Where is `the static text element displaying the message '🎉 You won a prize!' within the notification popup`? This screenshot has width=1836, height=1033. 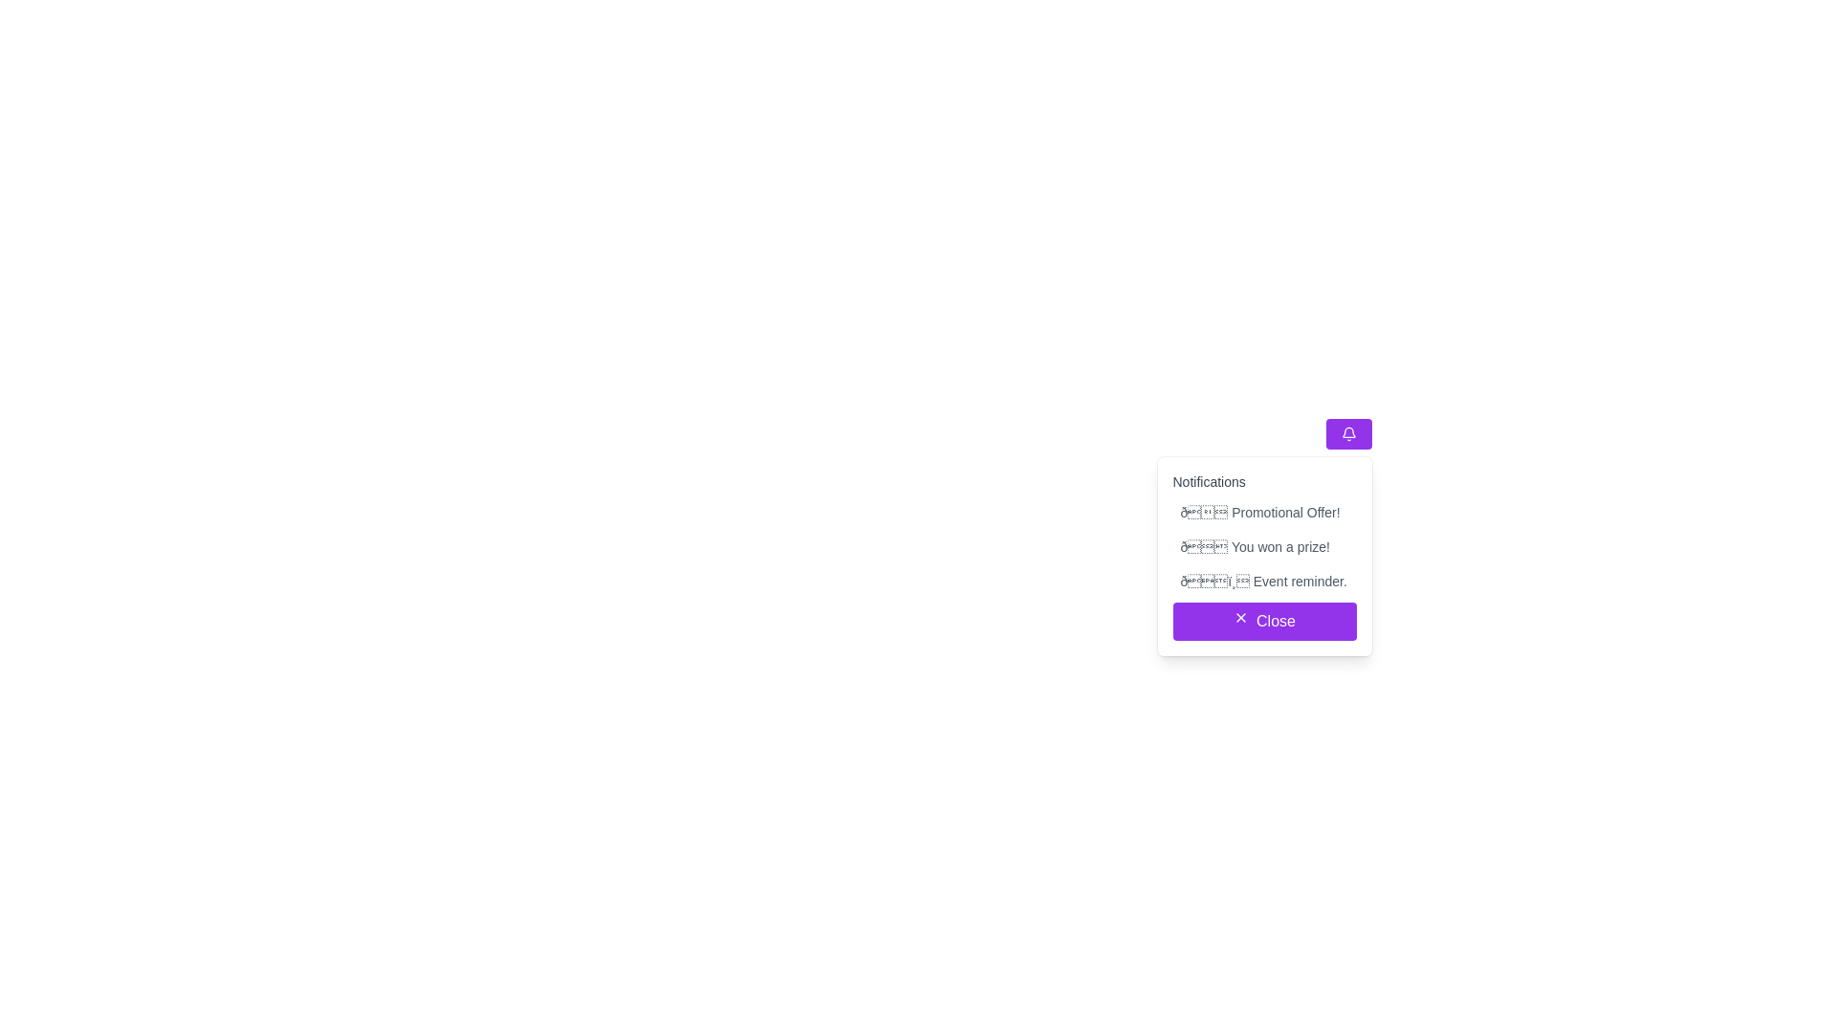 the static text element displaying the message '🎉 You won a prize!' within the notification popup is located at coordinates (1264, 546).